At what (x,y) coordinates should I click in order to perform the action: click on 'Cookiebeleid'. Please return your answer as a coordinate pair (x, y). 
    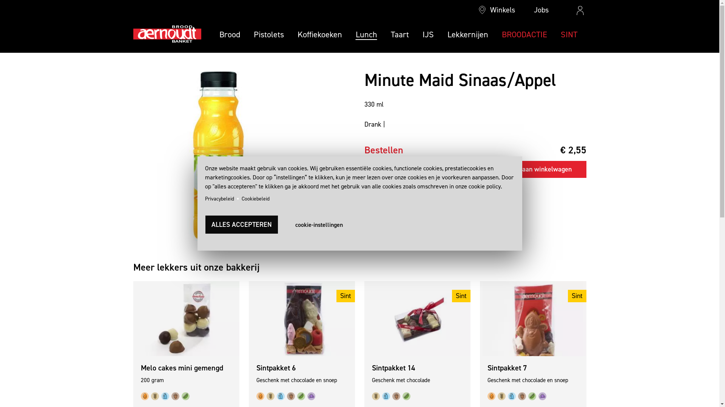
    Looking at the image, I should click on (255, 198).